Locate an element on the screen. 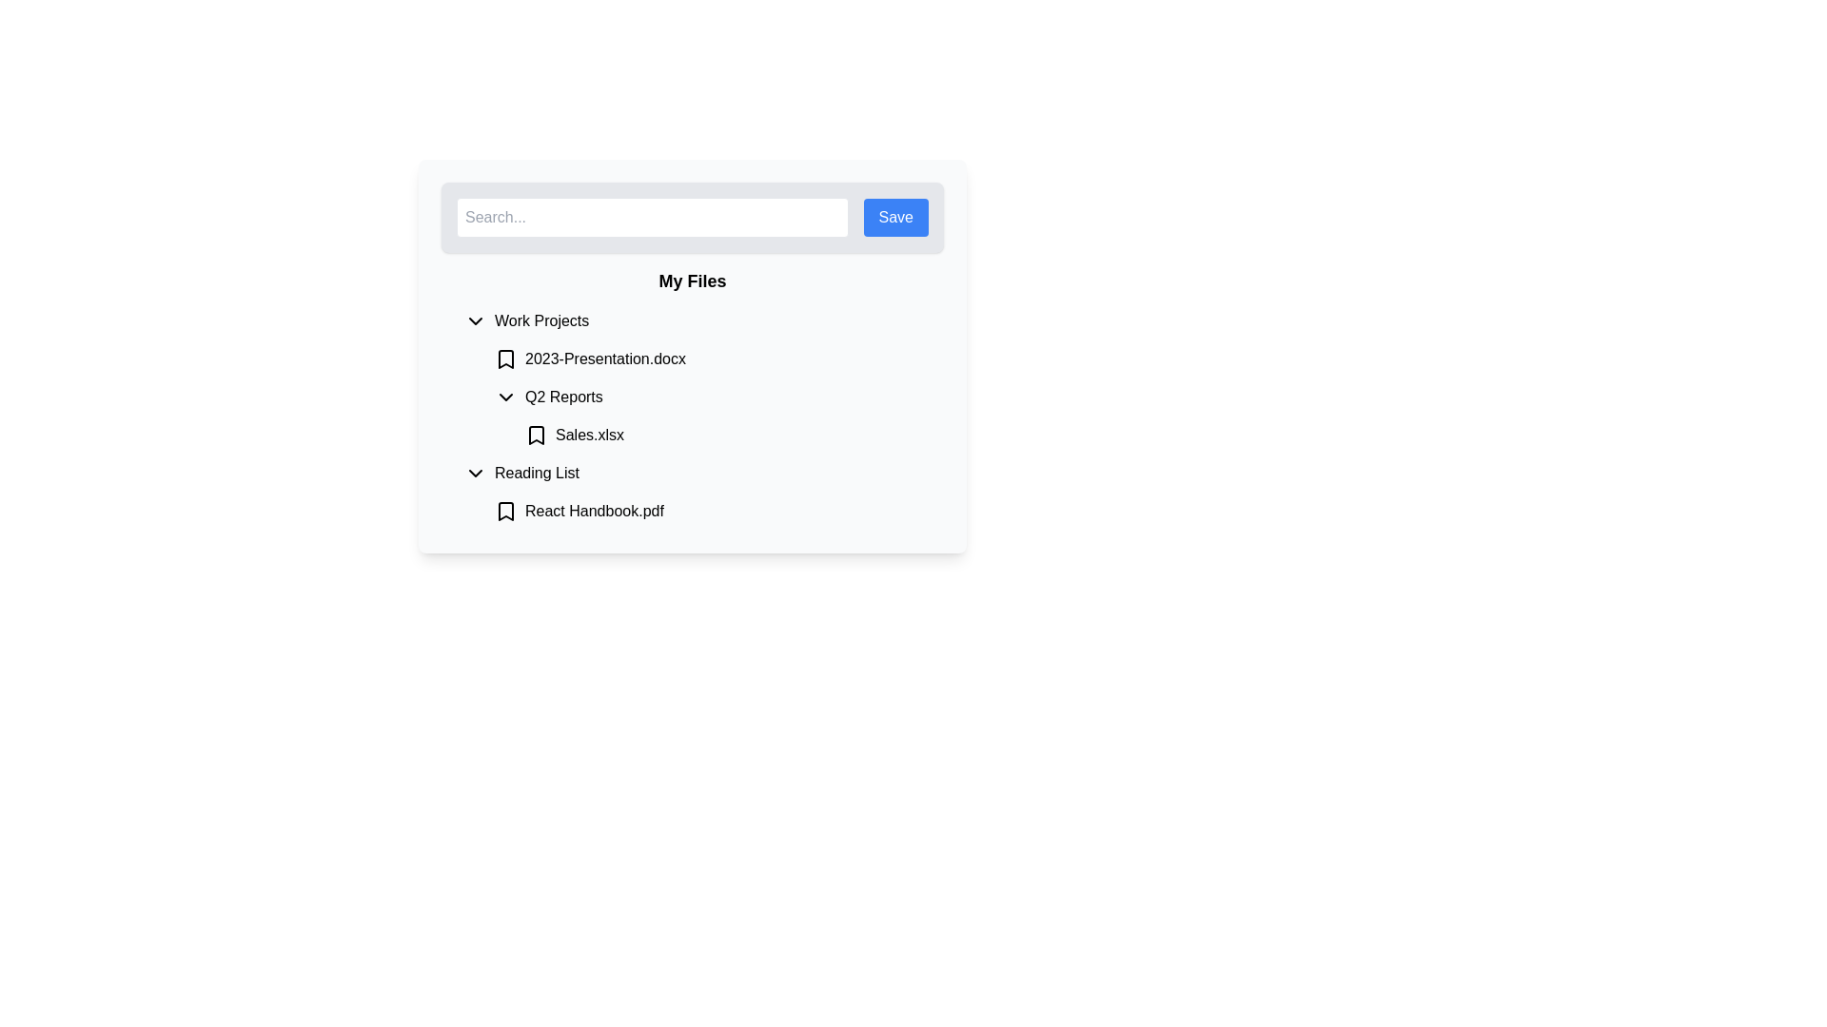  the downward-pointing chevron icon located to the left of the 'Work Projects' text is located at coordinates (475, 320).